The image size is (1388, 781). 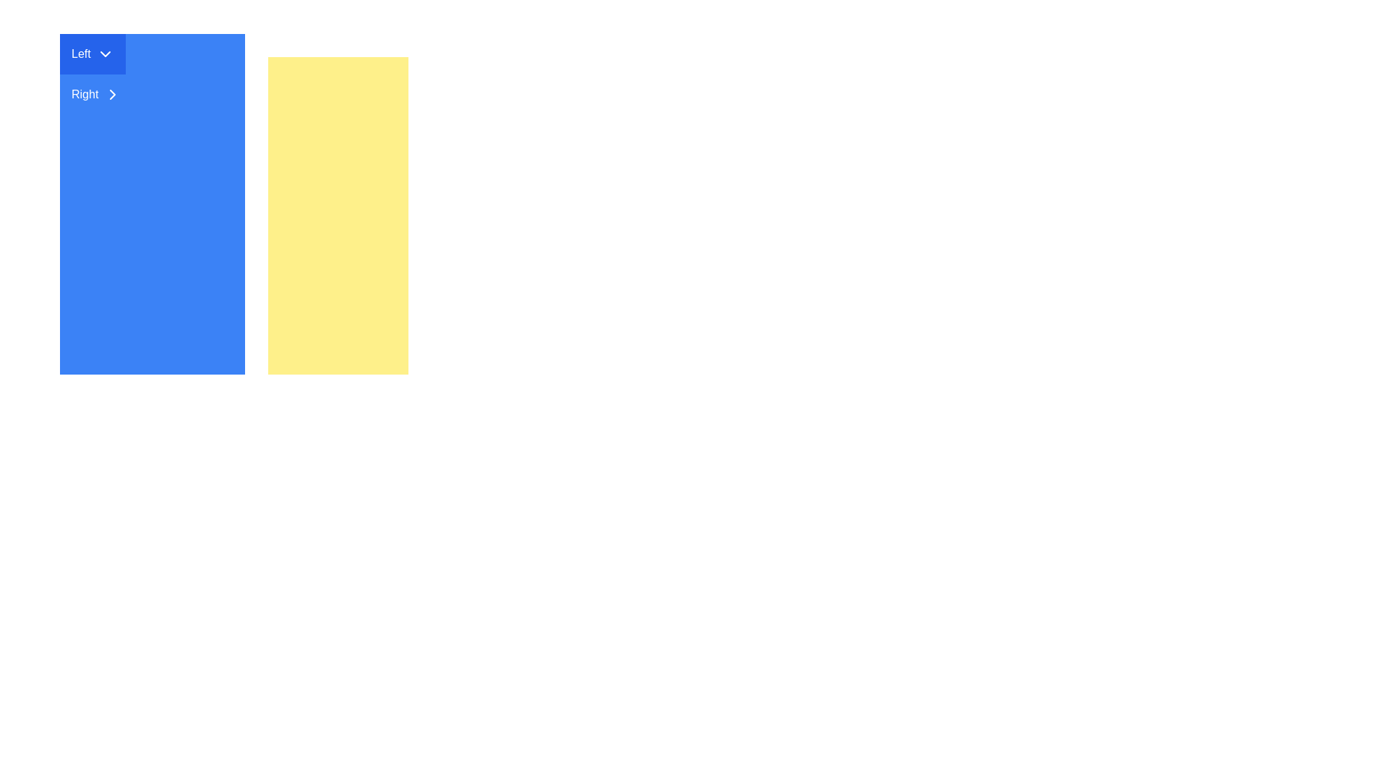 What do you see at coordinates (84, 95) in the screenshot?
I see `the Text Label displaying 'Right', which is styled with a blue background and white bold text, located in a vertically stacked menu layout` at bounding box center [84, 95].